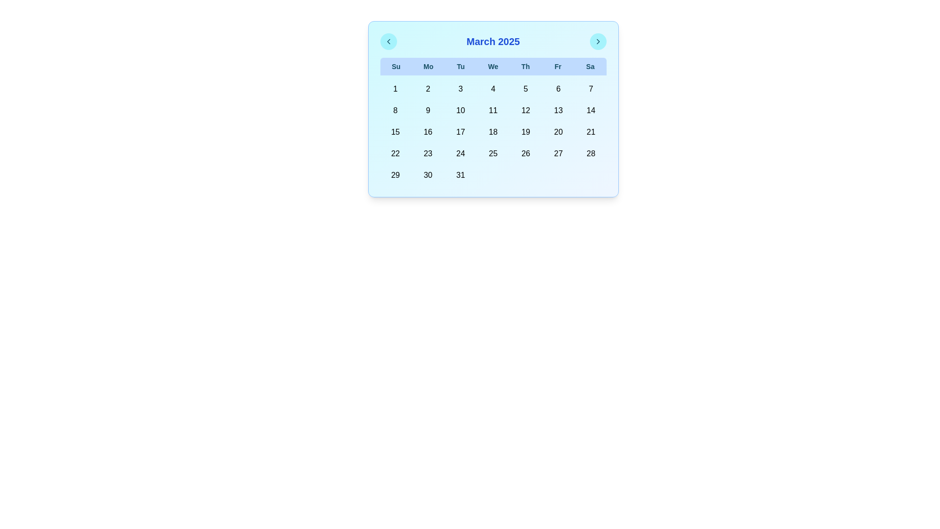 This screenshot has height=529, width=940. What do you see at coordinates (428, 153) in the screenshot?
I see `the calendar grid cell displaying the number '23'` at bounding box center [428, 153].